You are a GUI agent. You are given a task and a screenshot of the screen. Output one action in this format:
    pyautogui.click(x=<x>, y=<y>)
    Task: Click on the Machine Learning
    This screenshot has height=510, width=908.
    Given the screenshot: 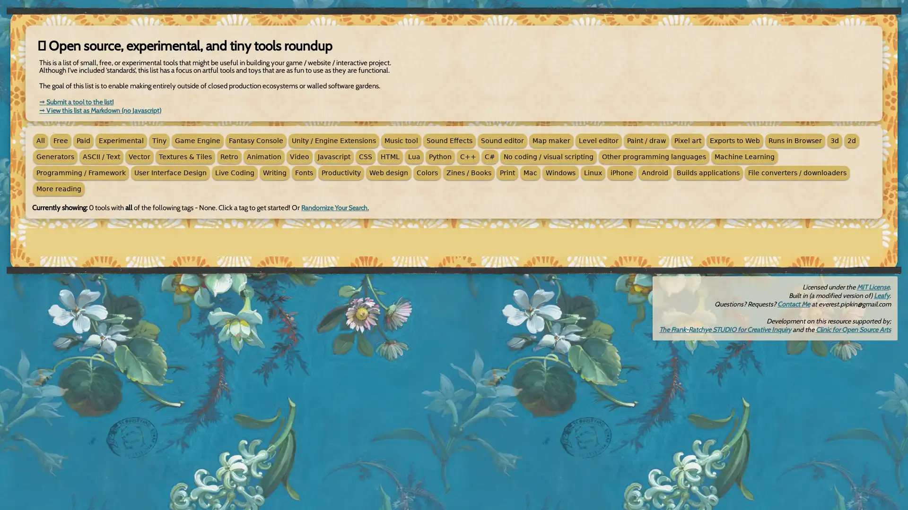 What is the action you would take?
    pyautogui.click(x=744, y=156)
    